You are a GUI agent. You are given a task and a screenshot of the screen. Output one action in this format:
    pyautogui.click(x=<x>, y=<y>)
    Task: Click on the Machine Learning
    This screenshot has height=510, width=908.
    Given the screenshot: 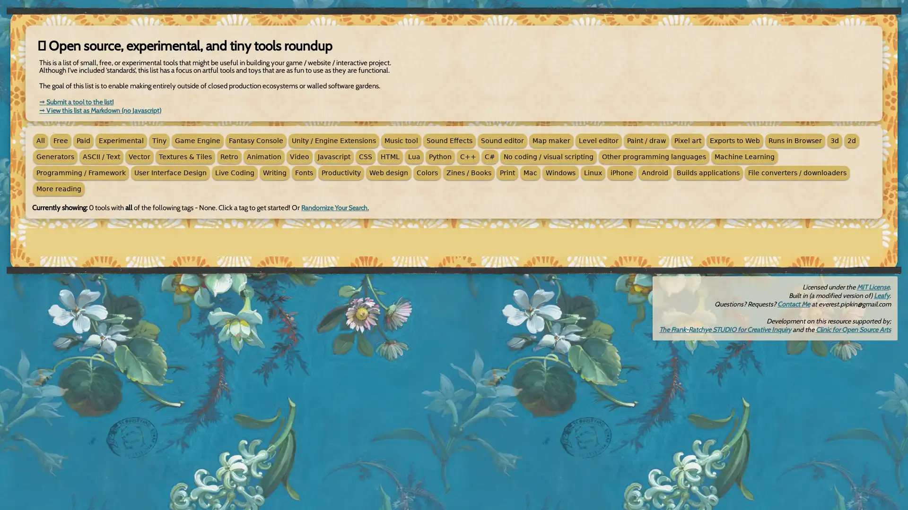 What is the action you would take?
    pyautogui.click(x=744, y=156)
    